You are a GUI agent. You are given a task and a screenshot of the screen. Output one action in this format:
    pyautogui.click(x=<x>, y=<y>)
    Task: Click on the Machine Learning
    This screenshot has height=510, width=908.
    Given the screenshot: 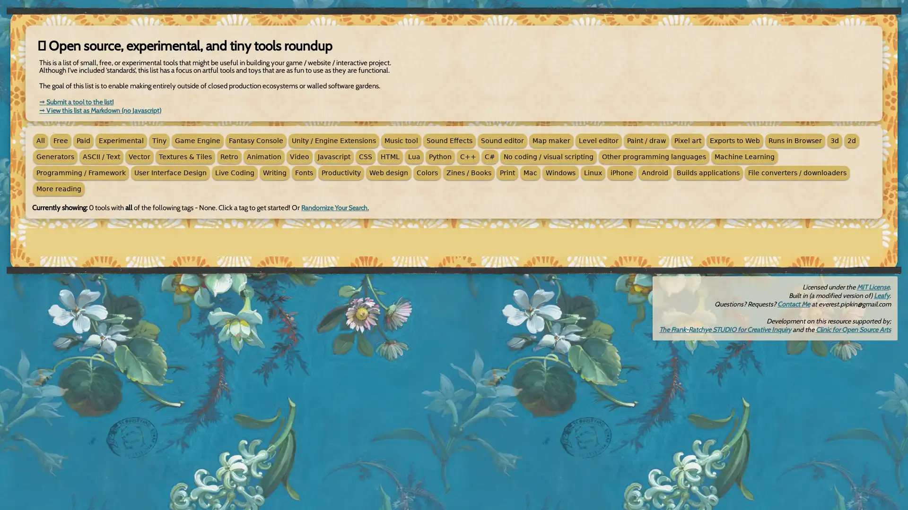 What is the action you would take?
    pyautogui.click(x=744, y=156)
    